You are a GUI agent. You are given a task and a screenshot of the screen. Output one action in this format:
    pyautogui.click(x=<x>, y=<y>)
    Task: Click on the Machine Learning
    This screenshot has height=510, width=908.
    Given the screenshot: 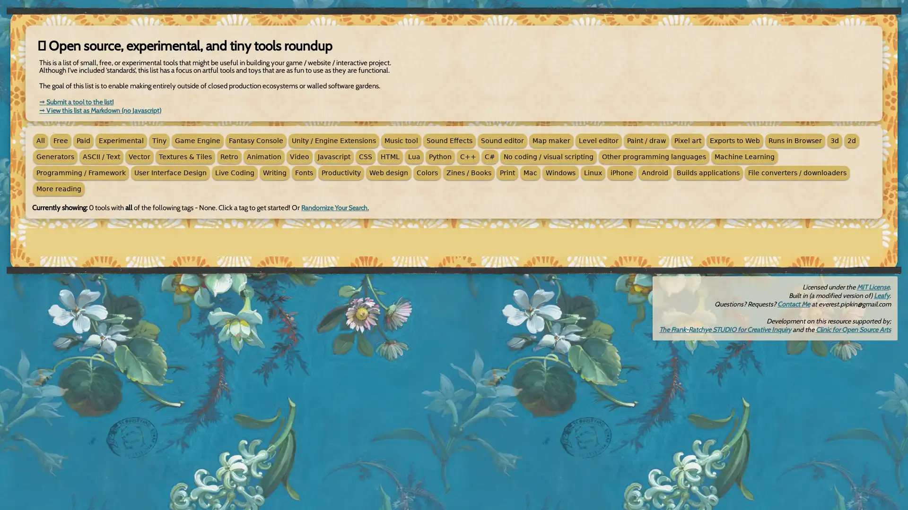 What is the action you would take?
    pyautogui.click(x=744, y=156)
    